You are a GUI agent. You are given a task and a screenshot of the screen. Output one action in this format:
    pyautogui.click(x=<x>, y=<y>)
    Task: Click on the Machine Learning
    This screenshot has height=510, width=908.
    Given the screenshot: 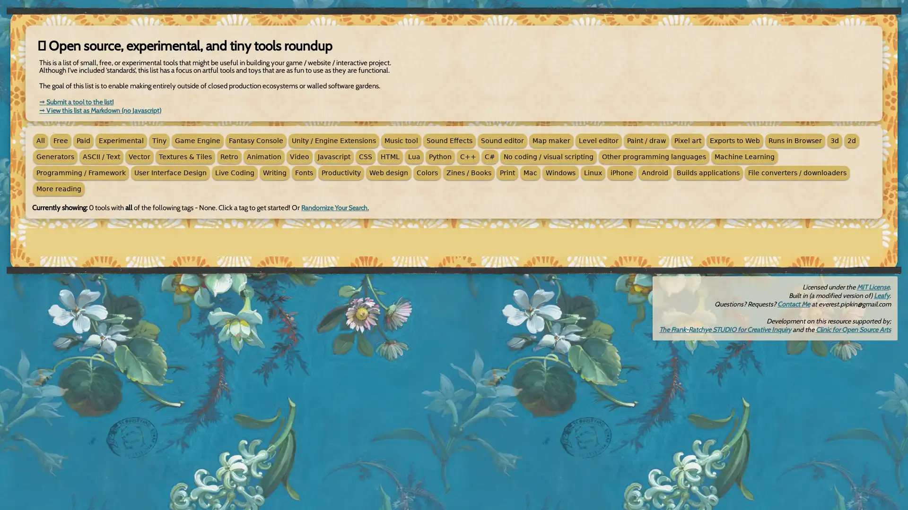 What is the action you would take?
    pyautogui.click(x=744, y=156)
    